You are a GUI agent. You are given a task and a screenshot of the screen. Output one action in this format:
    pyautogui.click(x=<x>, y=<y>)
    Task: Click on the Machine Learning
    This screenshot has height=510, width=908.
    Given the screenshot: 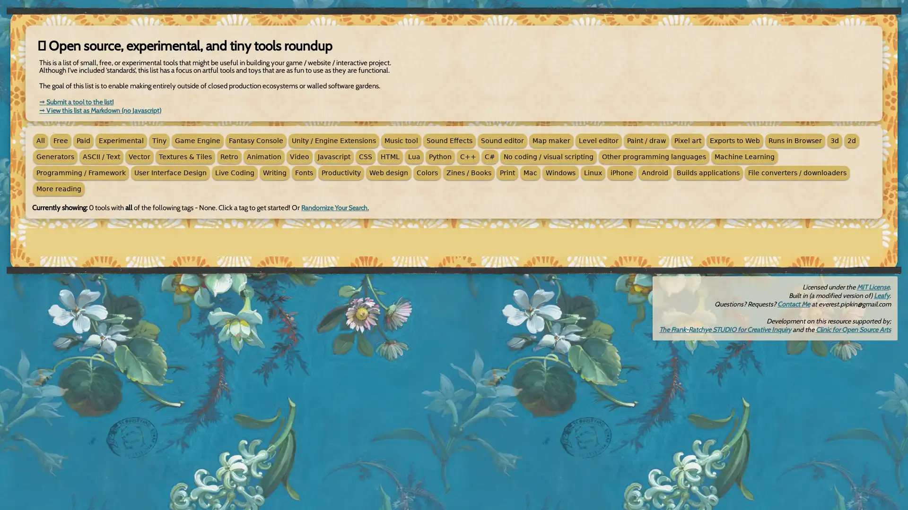 What is the action you would take?
    pyautogui.click(x=744, y=156)
    